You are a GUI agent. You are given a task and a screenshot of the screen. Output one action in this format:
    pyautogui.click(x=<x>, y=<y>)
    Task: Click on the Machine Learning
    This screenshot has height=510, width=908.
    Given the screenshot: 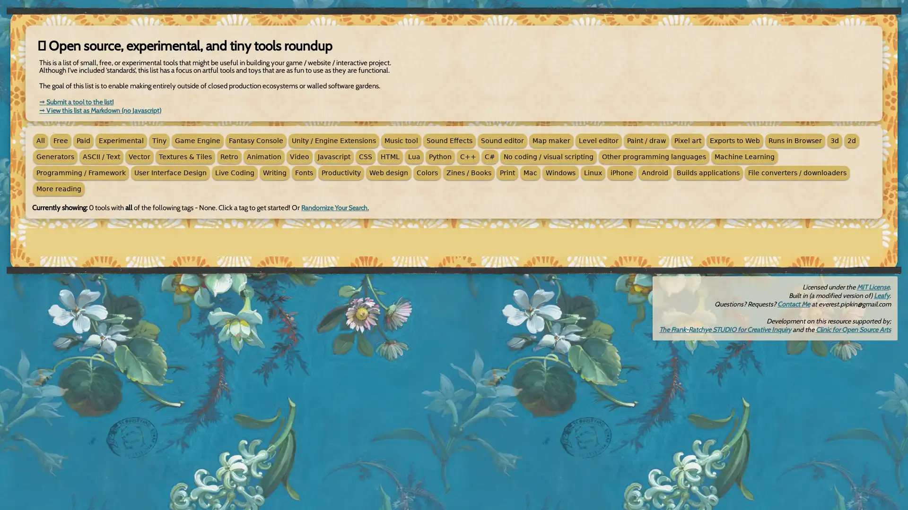 What is the action you would take?
    pyautogui.click(x=744, y=156)
    